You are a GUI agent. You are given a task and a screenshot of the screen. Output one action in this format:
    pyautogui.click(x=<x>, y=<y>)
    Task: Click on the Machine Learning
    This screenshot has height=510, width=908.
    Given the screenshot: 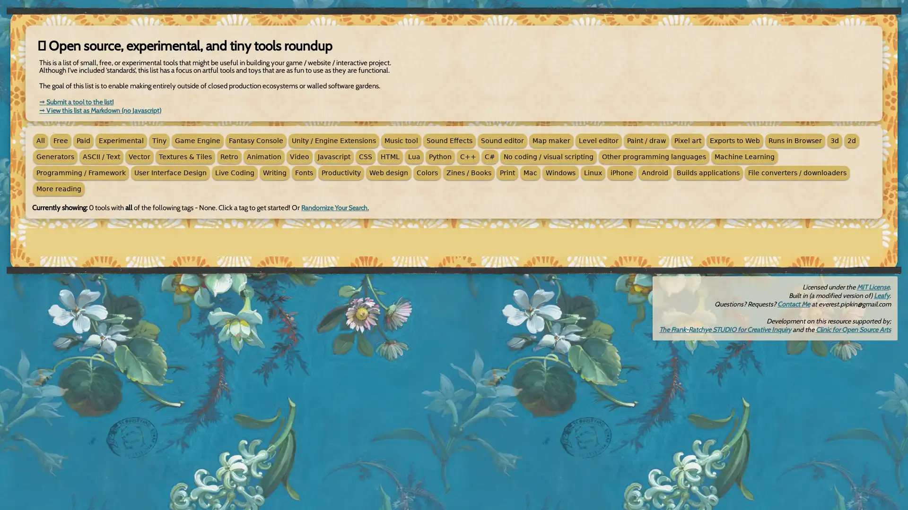 What is the action you would take?
    pyautogui.click(x=744, y=156)
    